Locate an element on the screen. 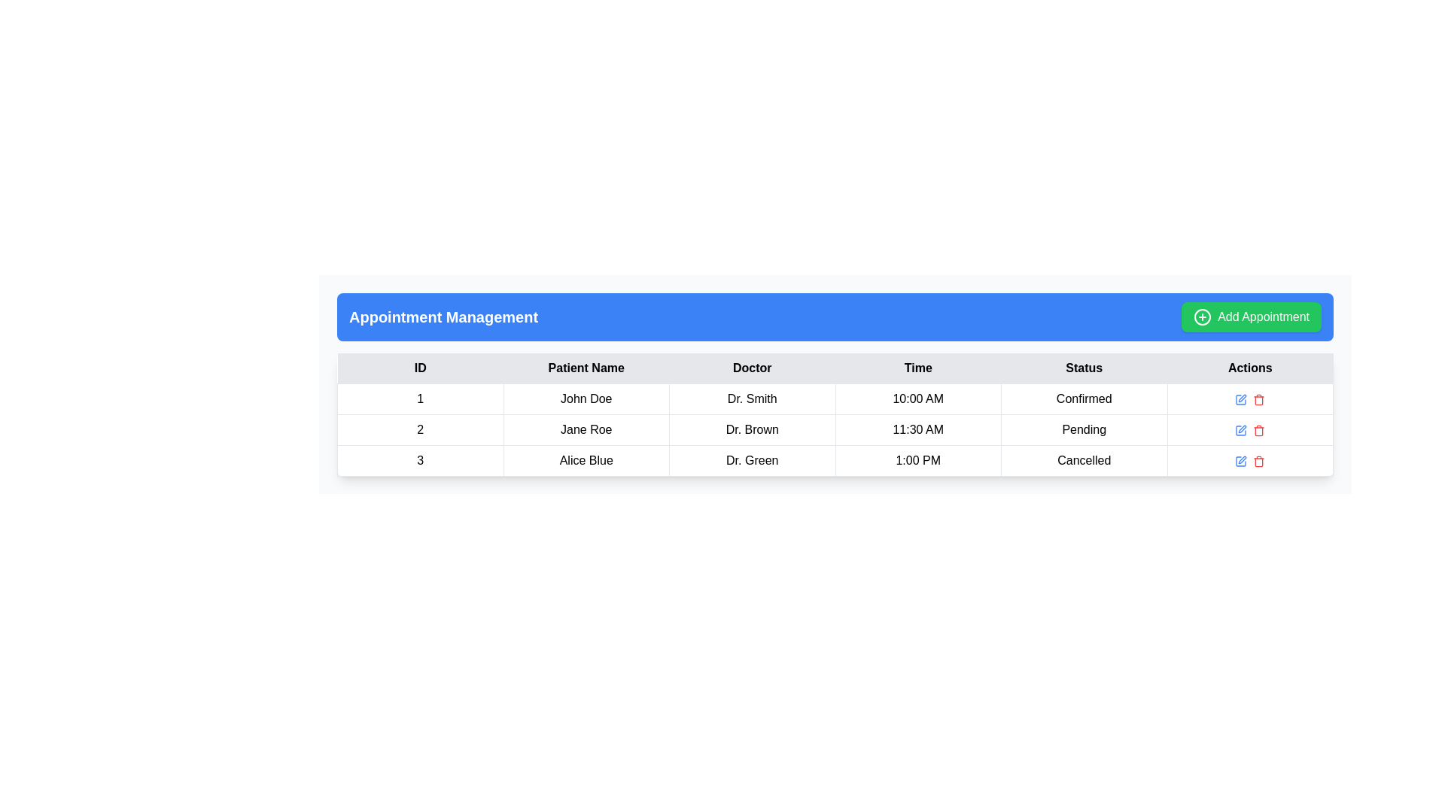  the 'Actions' text label, which is the last column header in the table header row, styled in bold and centered alignment within a gray header row is located at coordinates (1250, 368).